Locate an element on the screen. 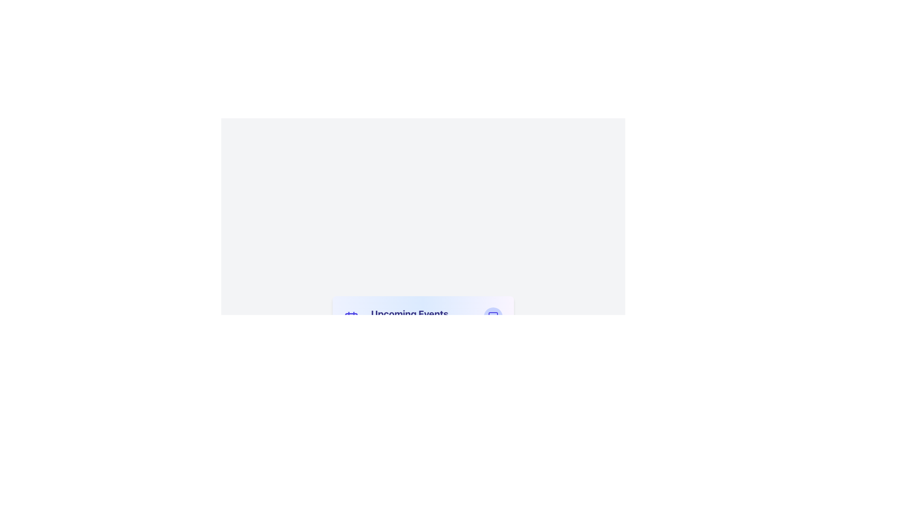  the button located in the bottom-right corner of the 'Upcoming Events' card is located at coordinates (493, 317).